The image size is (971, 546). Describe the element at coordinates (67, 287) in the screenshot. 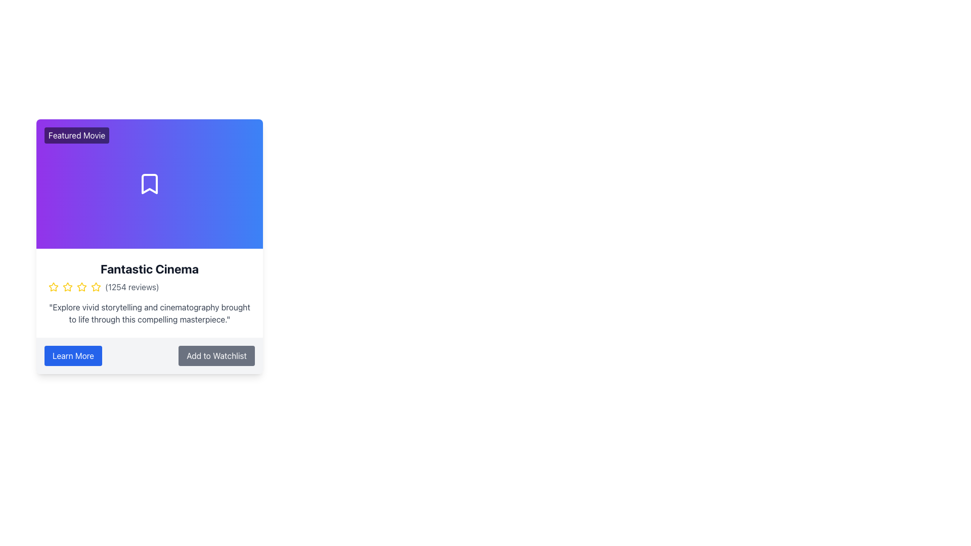

I see `the second star icon in the star-based rating system located below the title 'Fantastic Cinema' and above the rating details` at that location.